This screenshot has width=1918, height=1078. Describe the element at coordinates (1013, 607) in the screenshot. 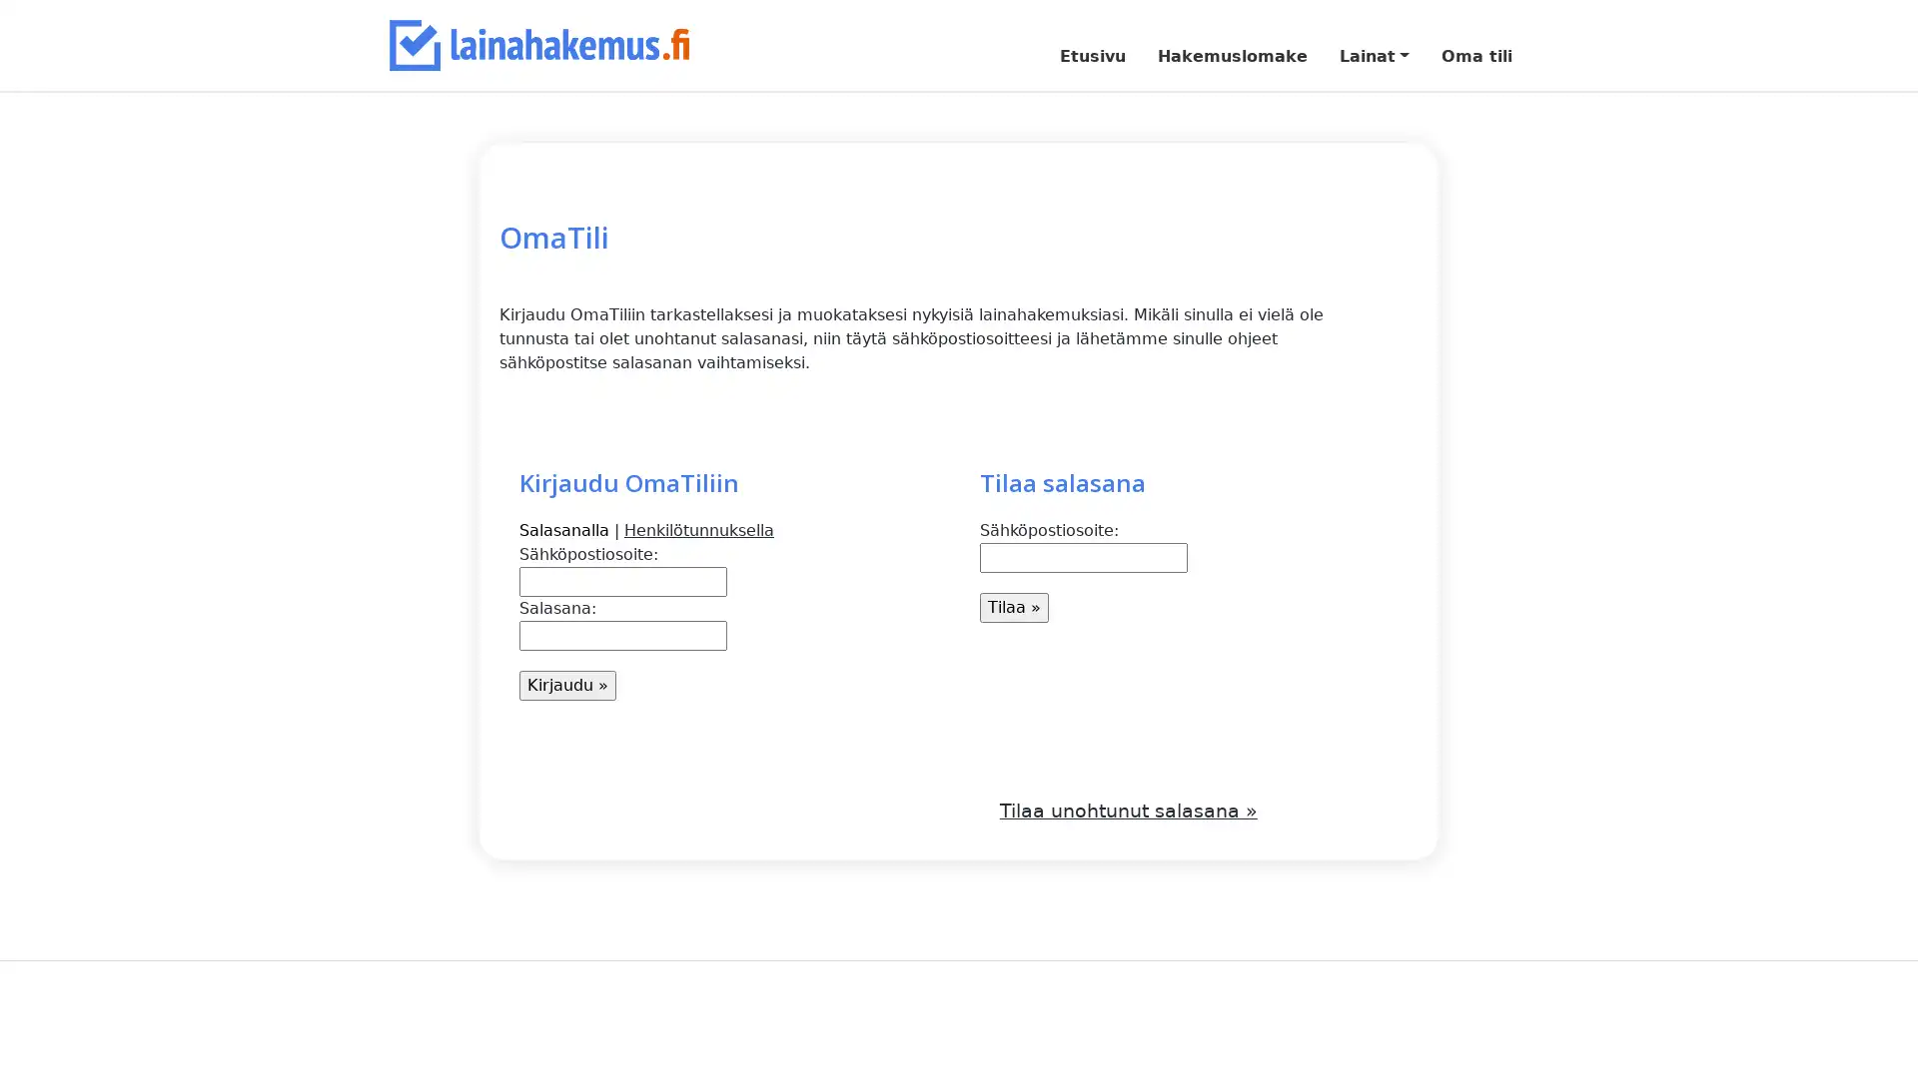

I see `Tilaa` at that location.